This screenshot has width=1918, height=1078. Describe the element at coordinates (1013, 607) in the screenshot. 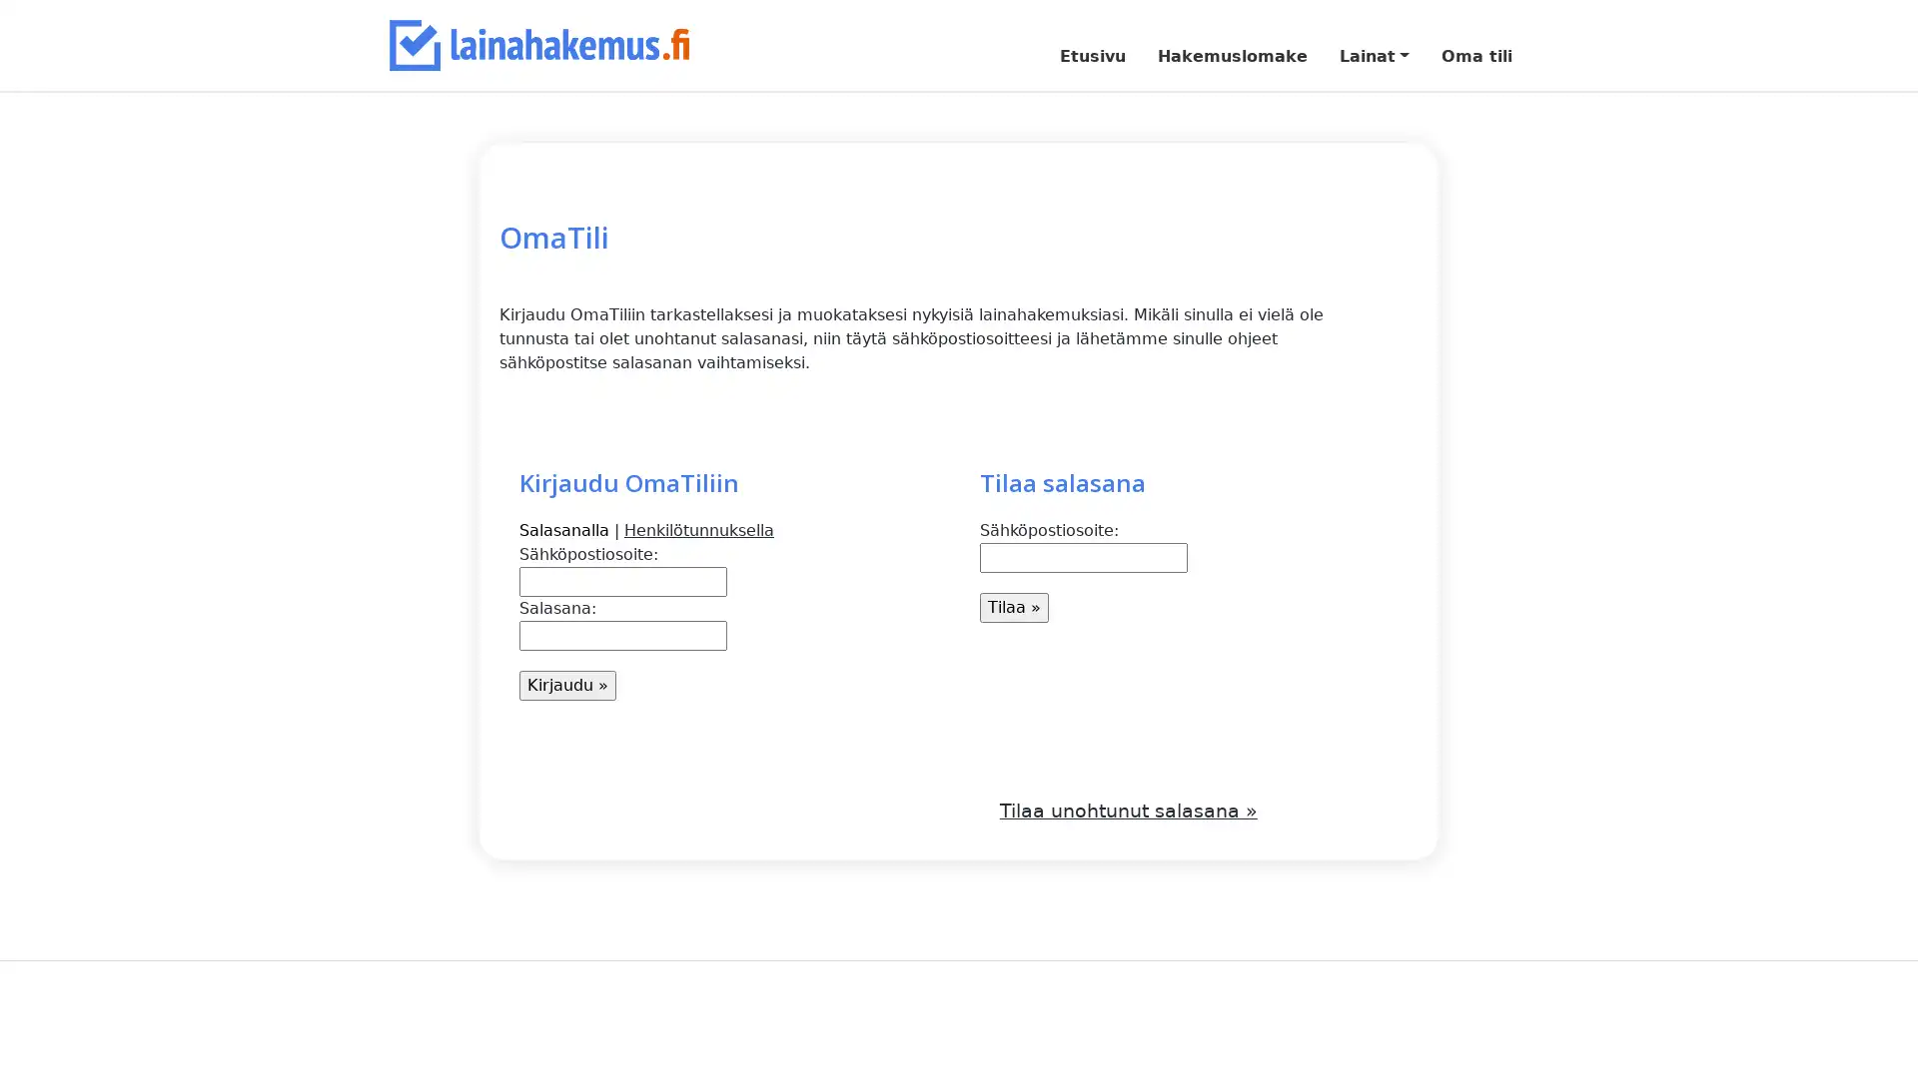

I see `Tilaa` at that location.